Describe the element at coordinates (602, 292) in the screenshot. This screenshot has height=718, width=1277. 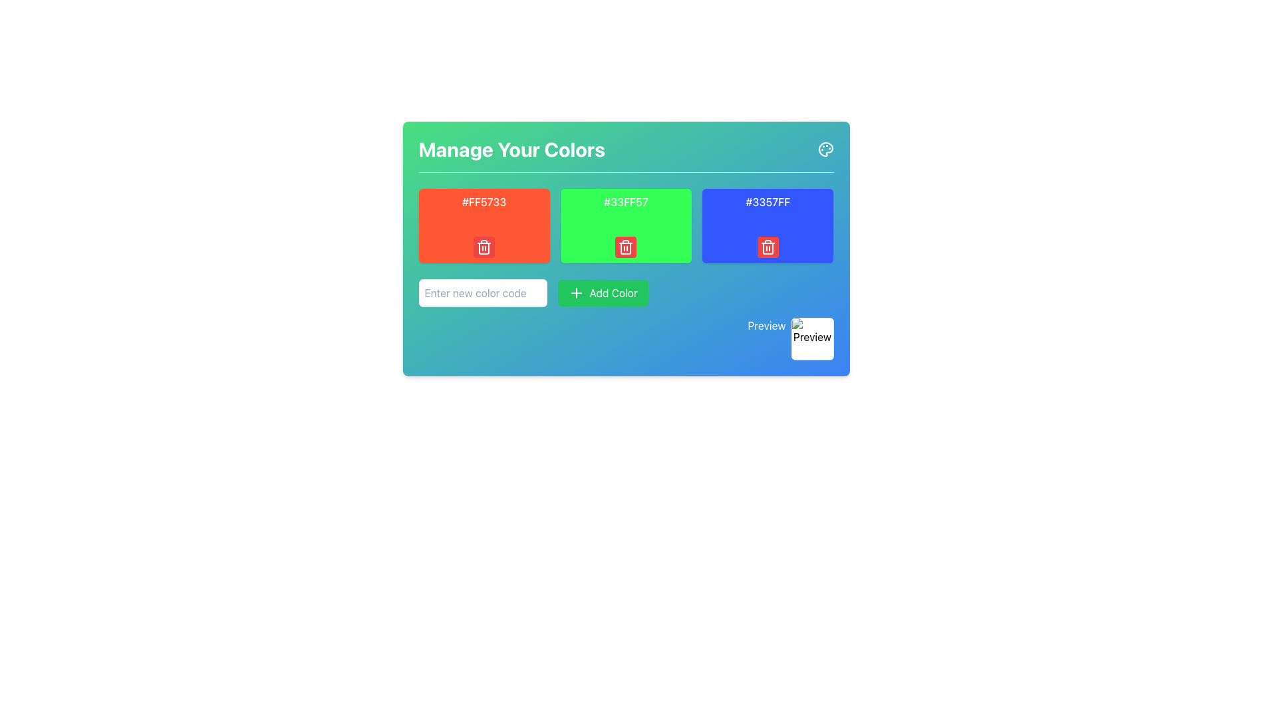
I see `the green button located to the right of the 'Enter new color code' text input field` at that location.